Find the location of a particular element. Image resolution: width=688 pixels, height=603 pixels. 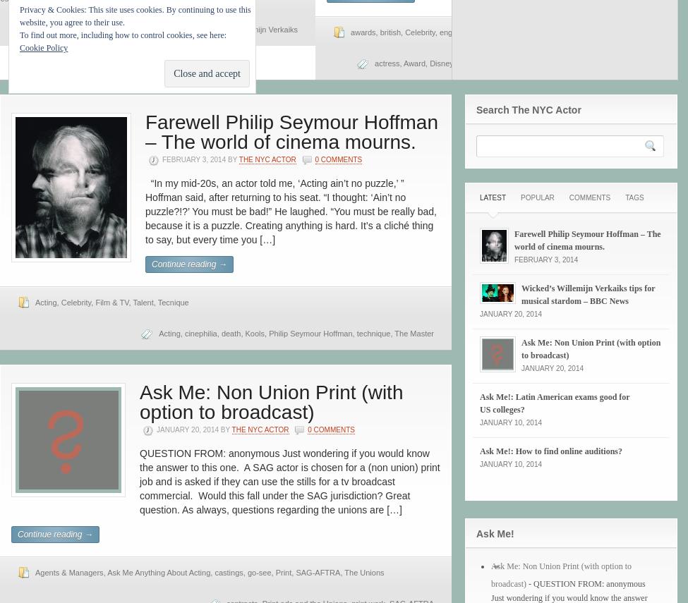

'Tags' is located at coordinates (634, 197).